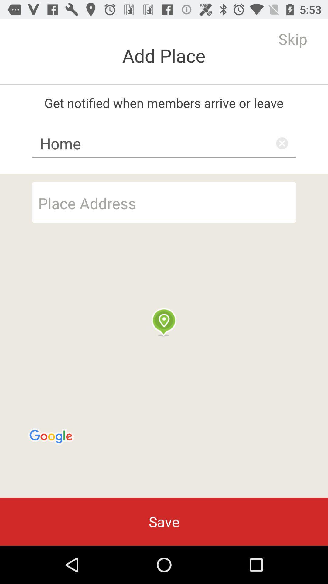 The width and height of the screenshot is (328, 584). What do you see at coordinates (164, 143) in the screenshot?
I see `the item below get notified when item` at bounding box center [164, 143].